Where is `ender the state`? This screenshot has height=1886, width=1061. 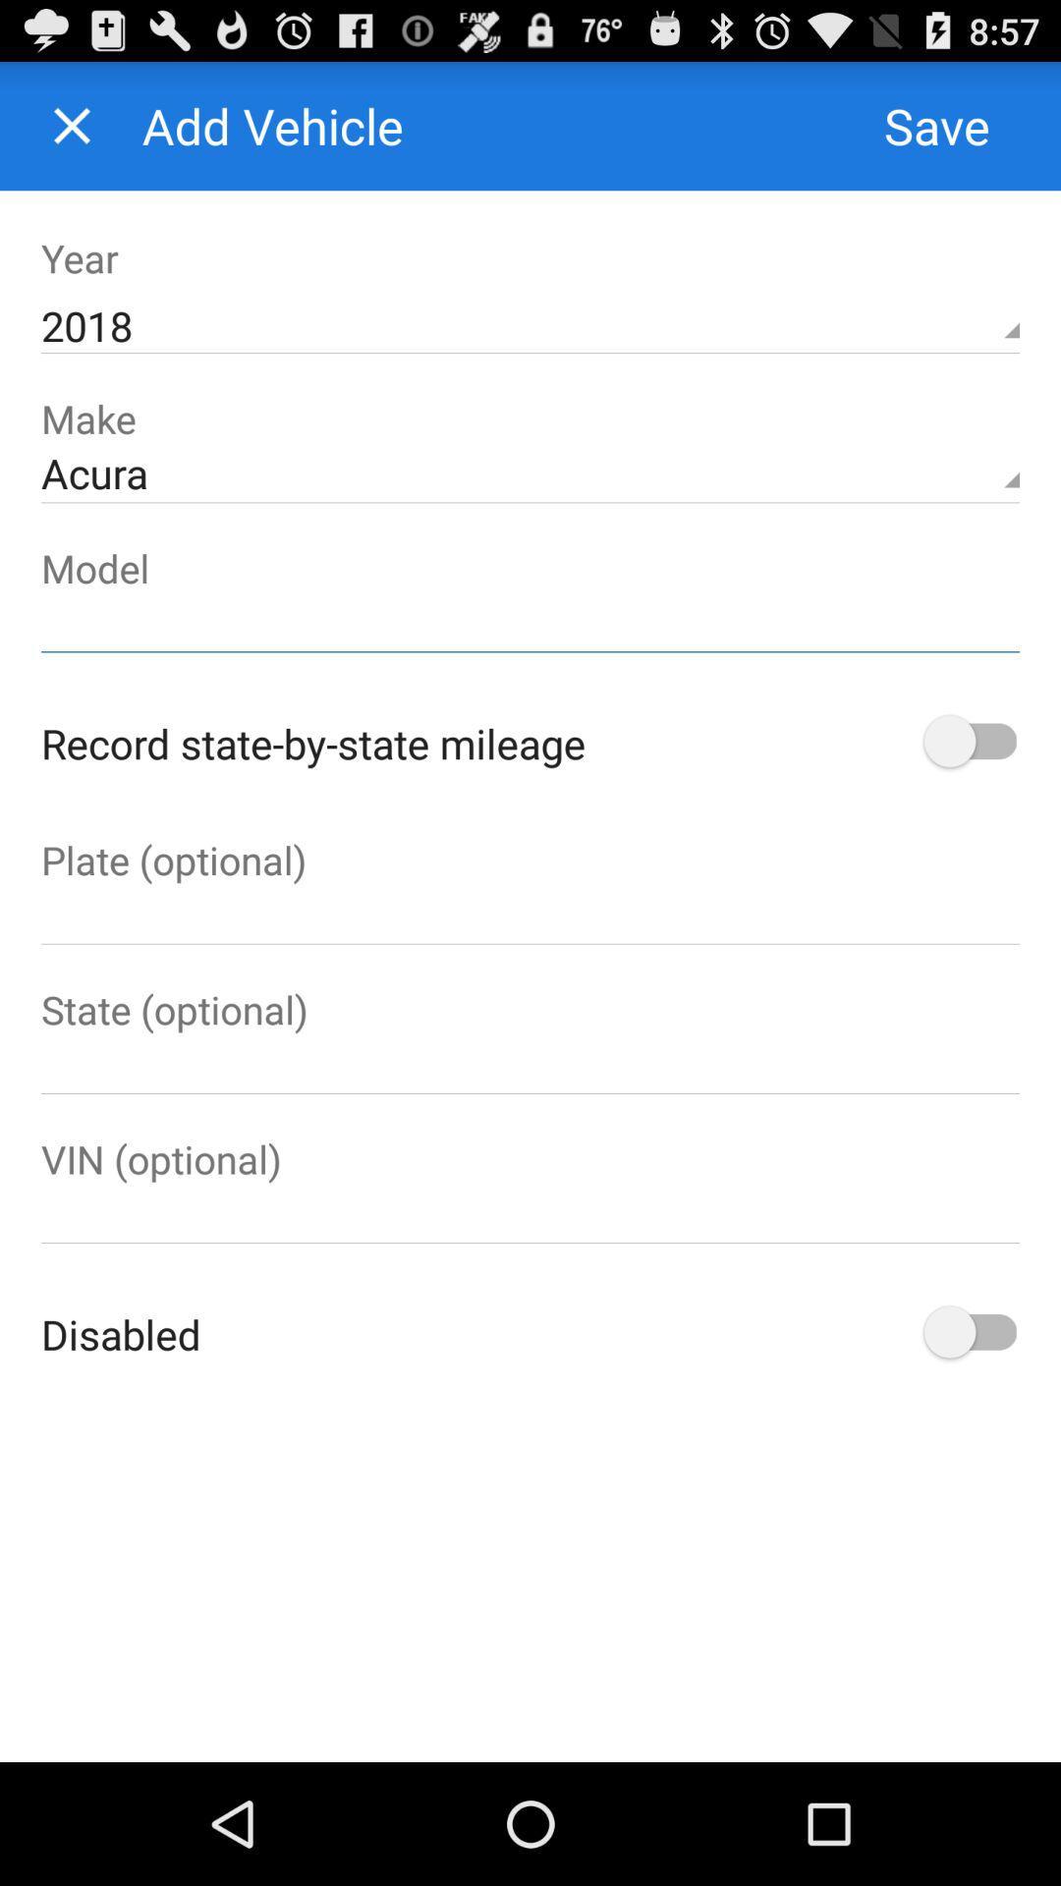
ender the state is located at coordinates (530, 1064).